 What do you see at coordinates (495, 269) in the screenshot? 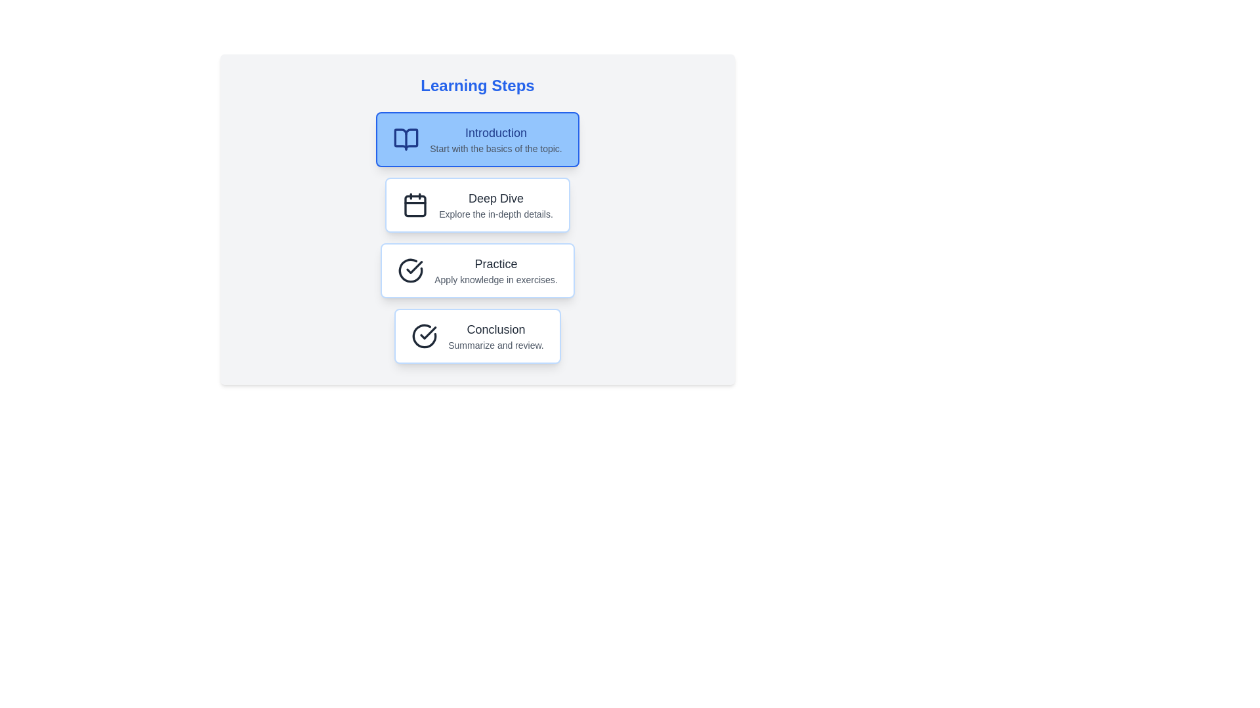
I see `the third button in the vertical list labeled 'Practice'` at bounding box center [495, 269].